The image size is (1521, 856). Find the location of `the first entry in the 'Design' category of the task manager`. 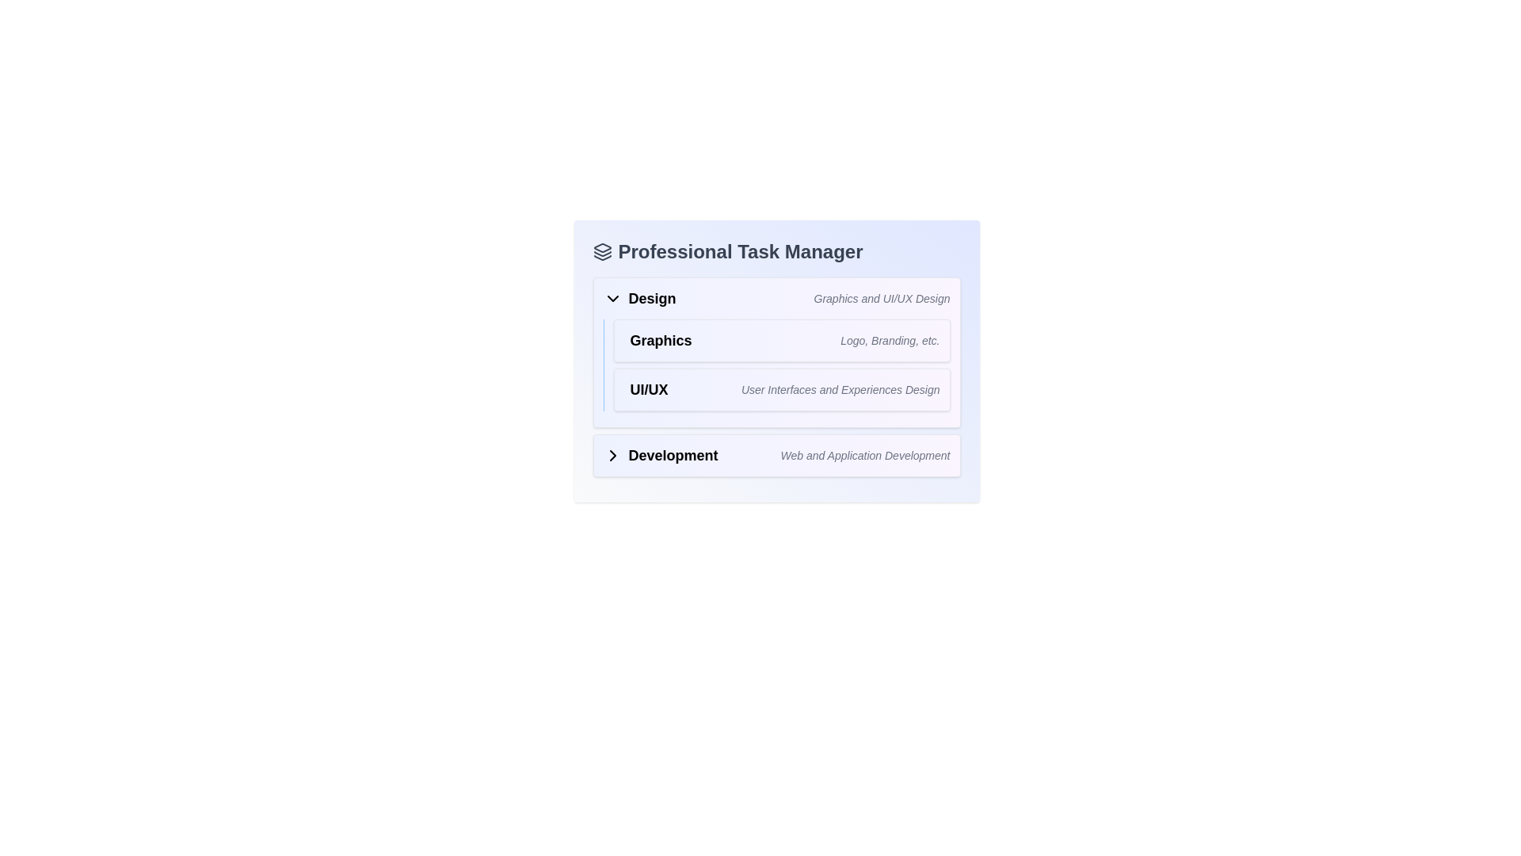

the first entry in the 'Design' category of the task manager is located at coordinates (782, 339).